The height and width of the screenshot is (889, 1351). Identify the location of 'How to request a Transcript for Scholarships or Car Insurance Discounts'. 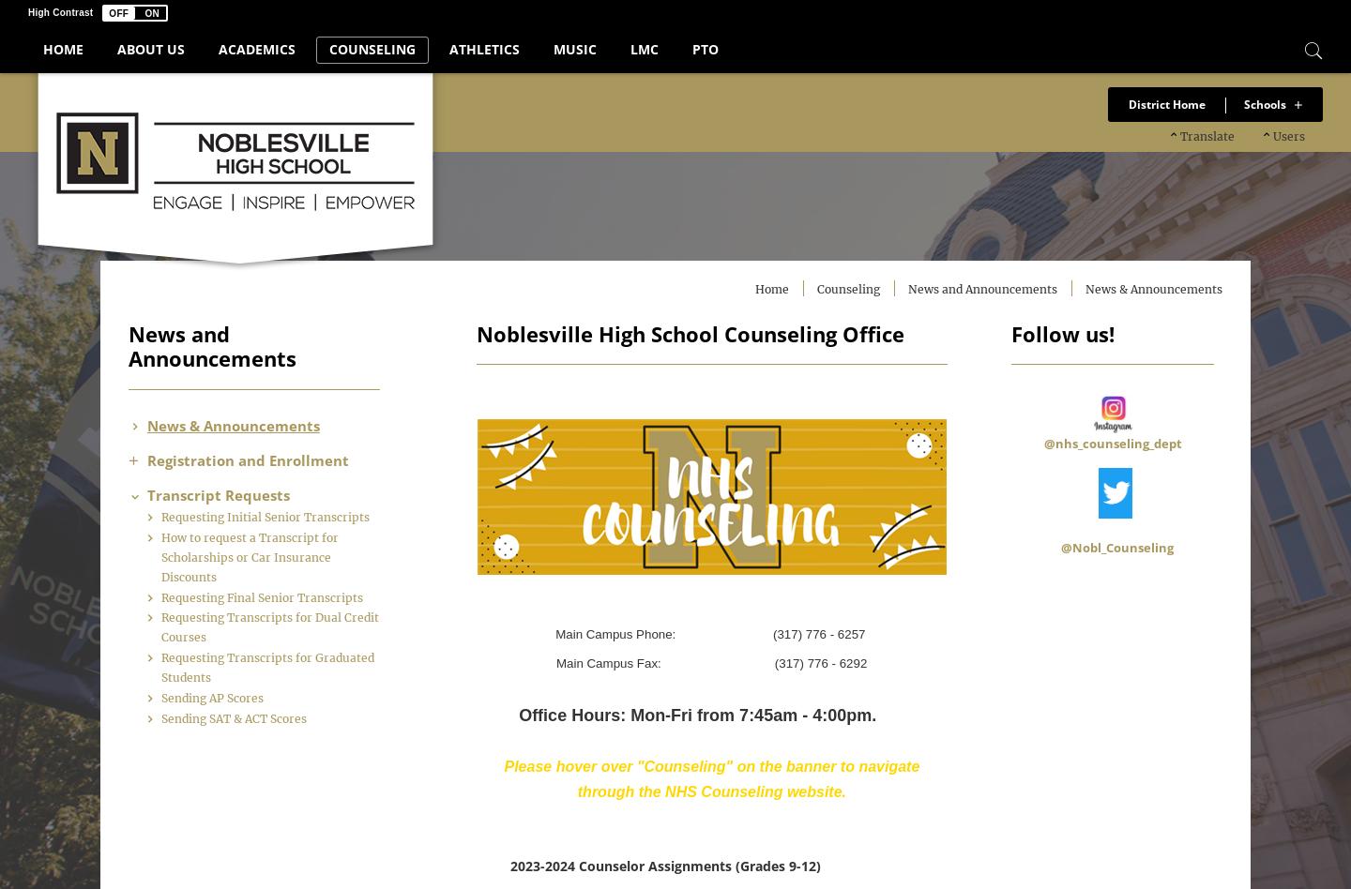
(287, 575).